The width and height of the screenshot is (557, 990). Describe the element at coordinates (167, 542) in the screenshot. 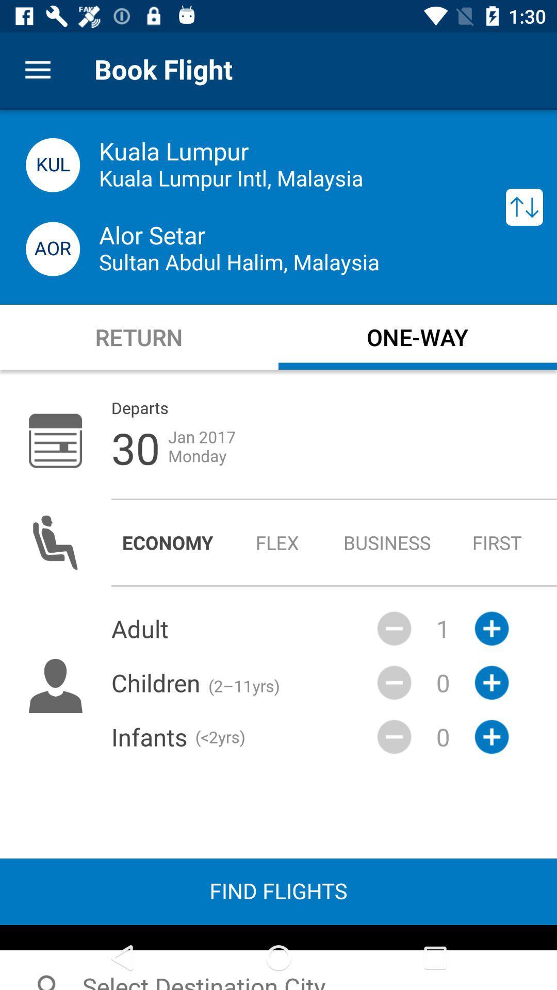

I see `icon to the left of flex` at that location.